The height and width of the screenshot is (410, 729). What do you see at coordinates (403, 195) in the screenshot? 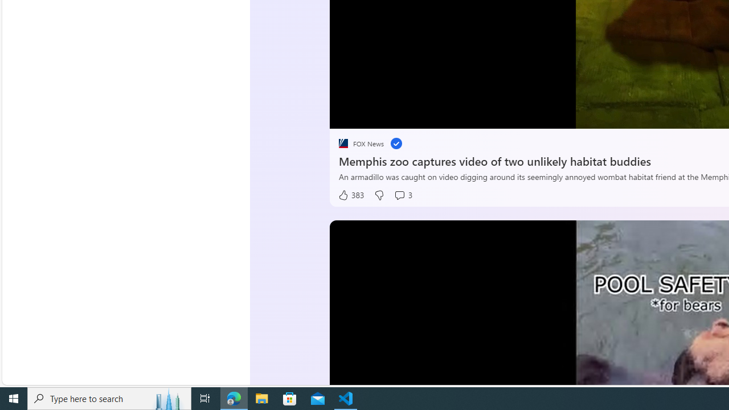
I see `'View comments 3 Comment'` at bounding box center [403, 195].